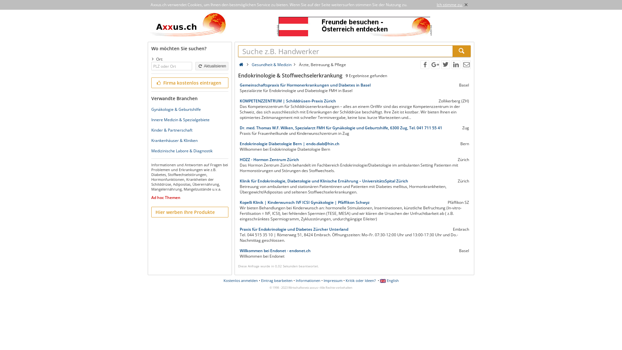 This screenshot has height=350, width=622. What do you see at coordinates (271, 64) in the screenshot?
I see `'Gesundheit & Medizin'` at bounding box center [271, 64].